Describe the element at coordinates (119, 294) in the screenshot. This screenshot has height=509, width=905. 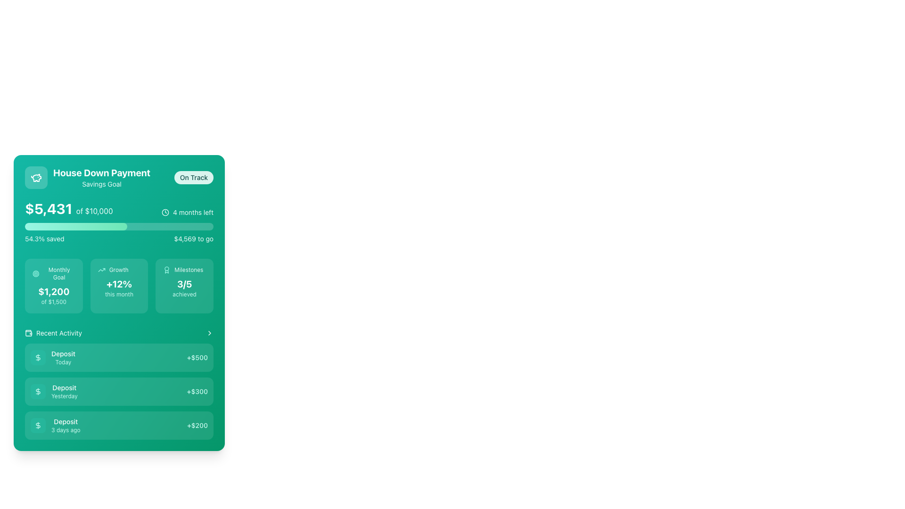
I see `text label displaying 'this month' which is centrally positioned below the '+12%' text in the 'Growth' card` at that location.